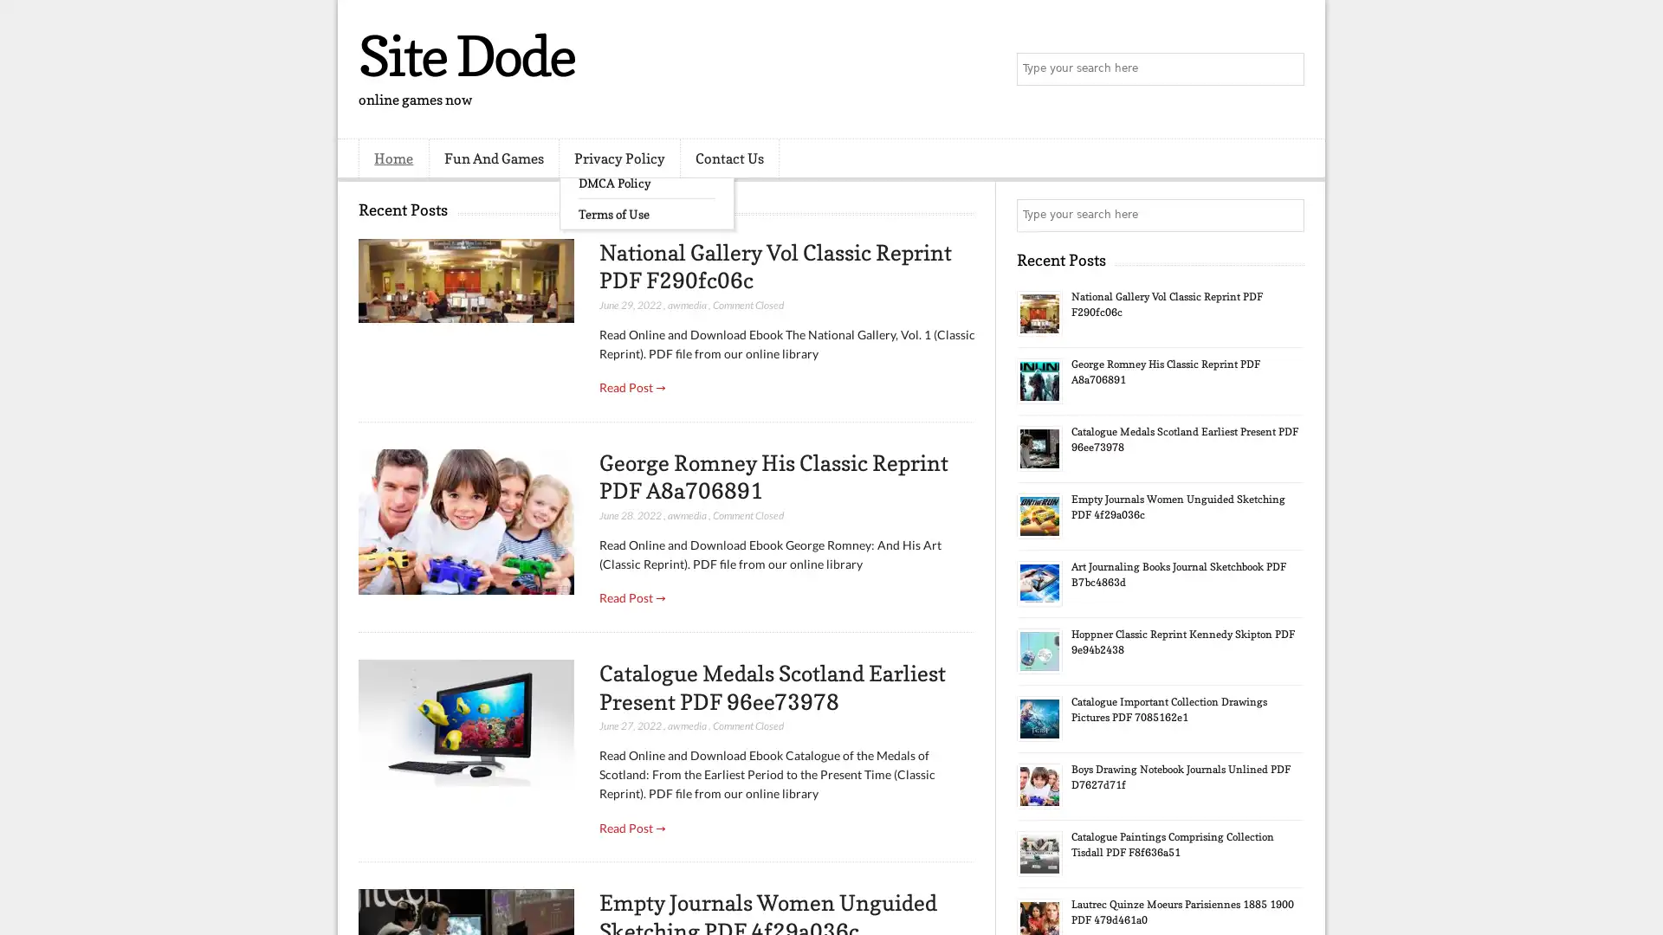 The width and height of the screenshot is (1663, 935). I want to click on Search, so click(1286, 215).